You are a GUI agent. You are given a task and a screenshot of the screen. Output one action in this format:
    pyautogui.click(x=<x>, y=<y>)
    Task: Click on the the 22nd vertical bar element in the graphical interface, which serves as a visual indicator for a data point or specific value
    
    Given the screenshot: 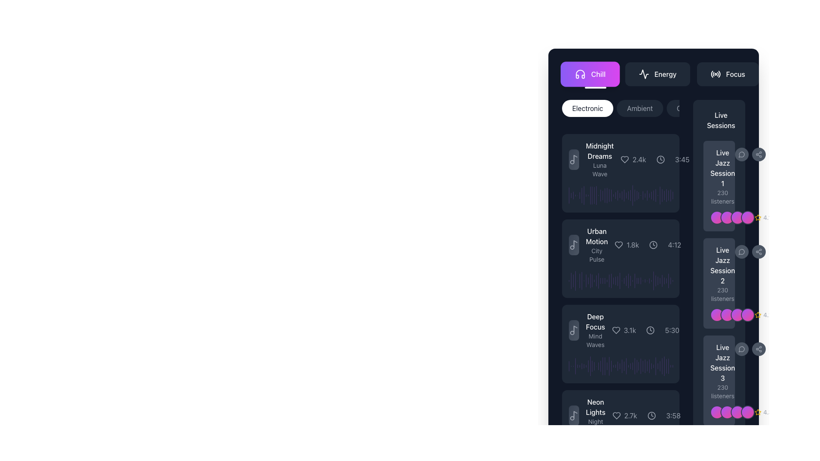 What is the action you would take?
    pyautogui.click(x=615, y=365)
    